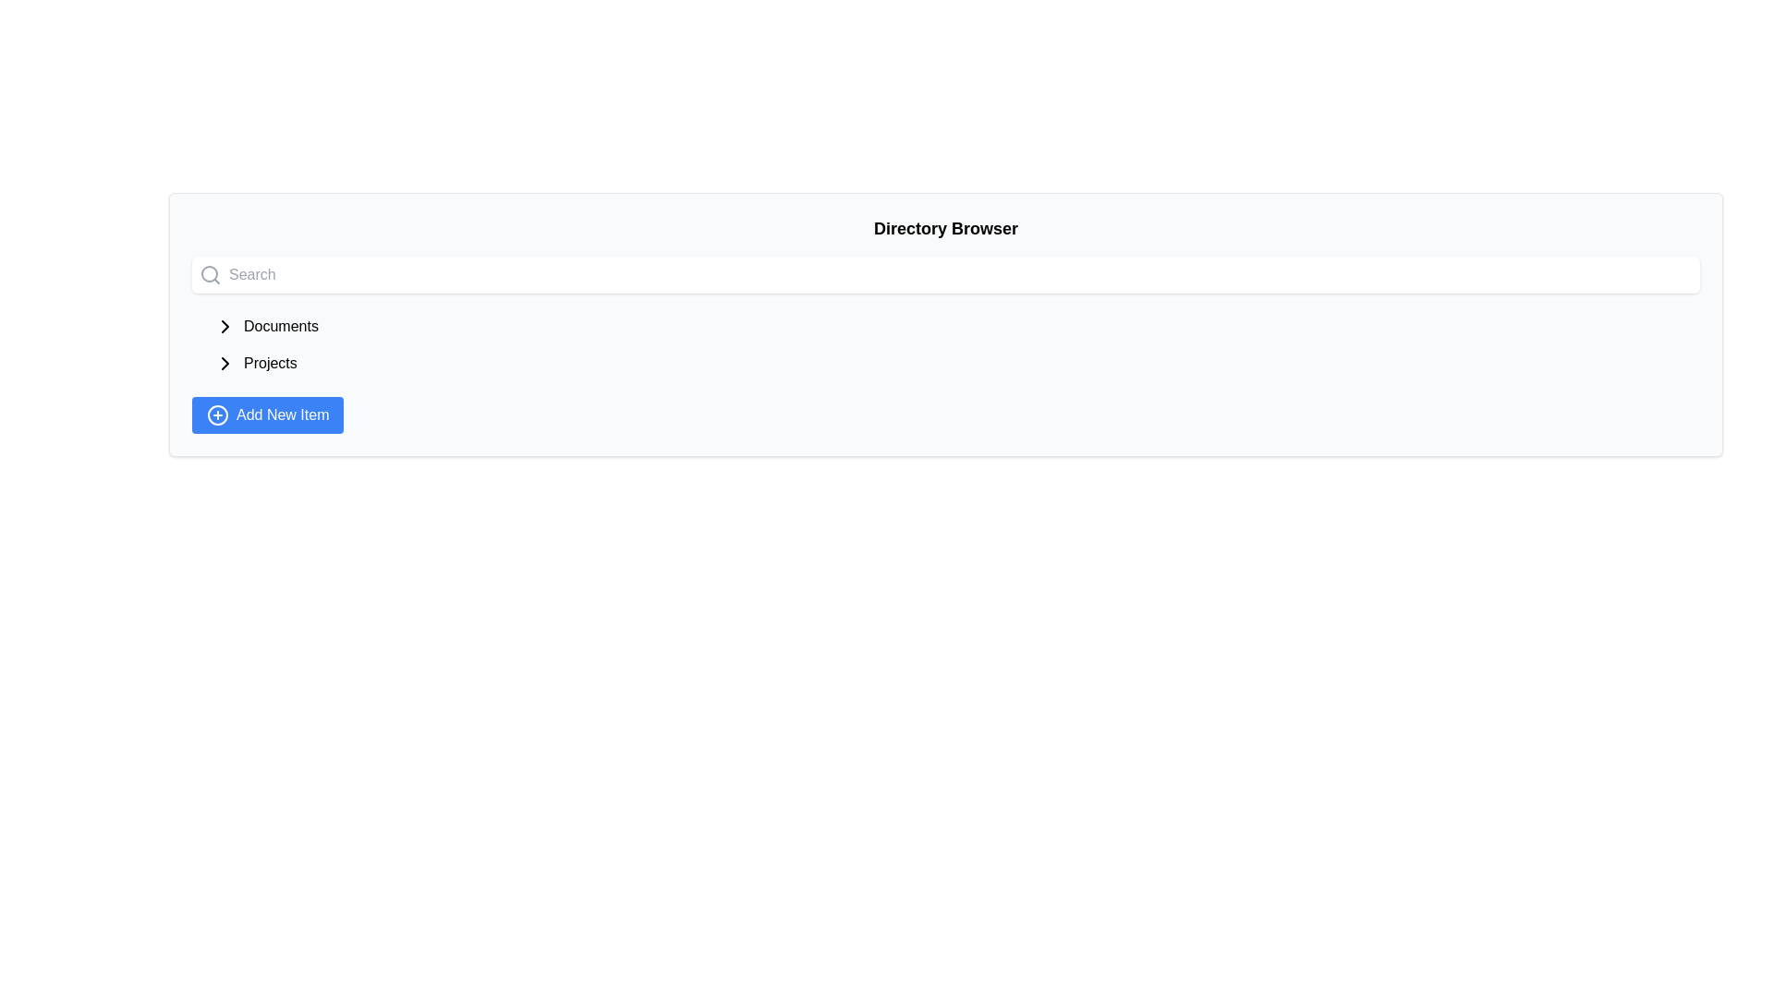  I want to click on the SVG circle element that resembles a magnifying glass lens, located in the top-left corner of the main content area within the search bar, part of a larger search icon, so click(209, 274).